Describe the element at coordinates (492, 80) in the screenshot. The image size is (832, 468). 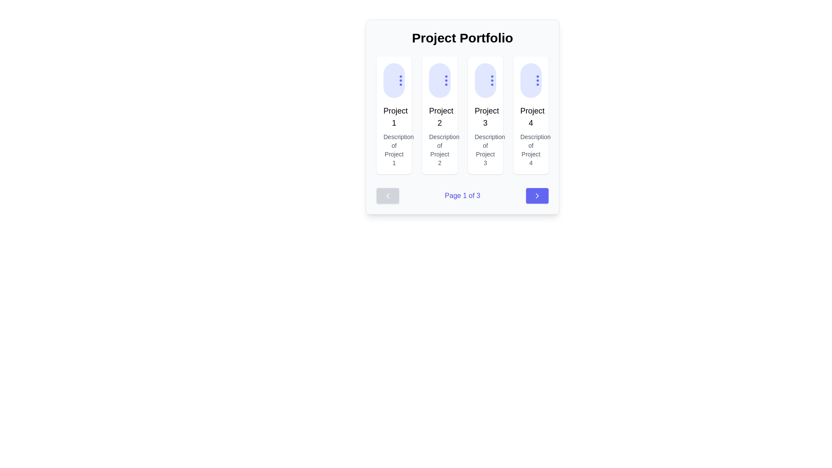
I see `the vertical ellipsis icon consisting of three circular dots arranged vertically within an outlined circle with a soft indigo background` at that location.